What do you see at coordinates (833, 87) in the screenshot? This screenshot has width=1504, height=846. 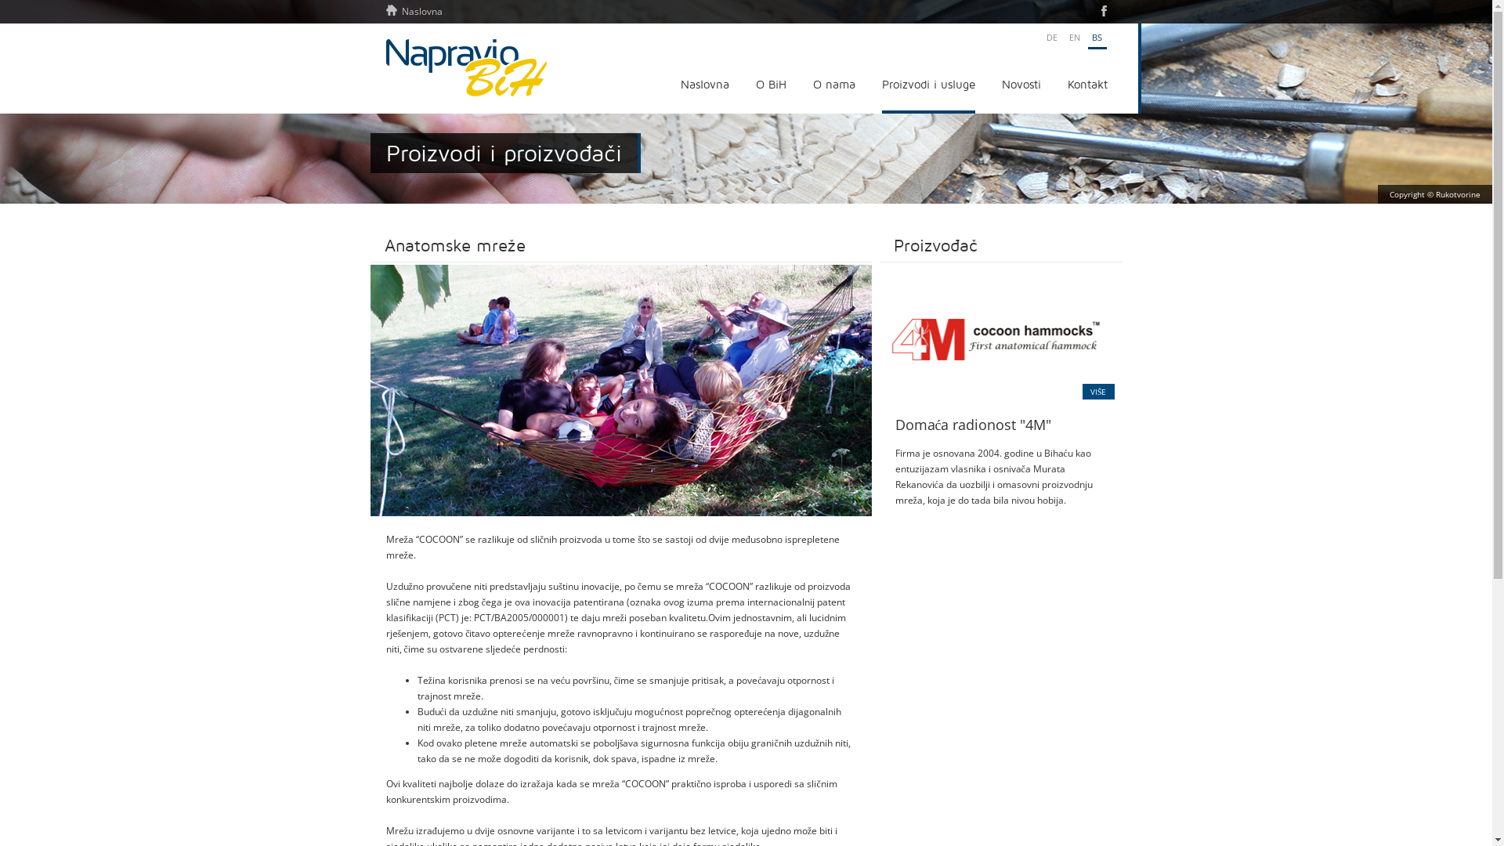 I see `'O nama'` at bounding box center [833, 87].